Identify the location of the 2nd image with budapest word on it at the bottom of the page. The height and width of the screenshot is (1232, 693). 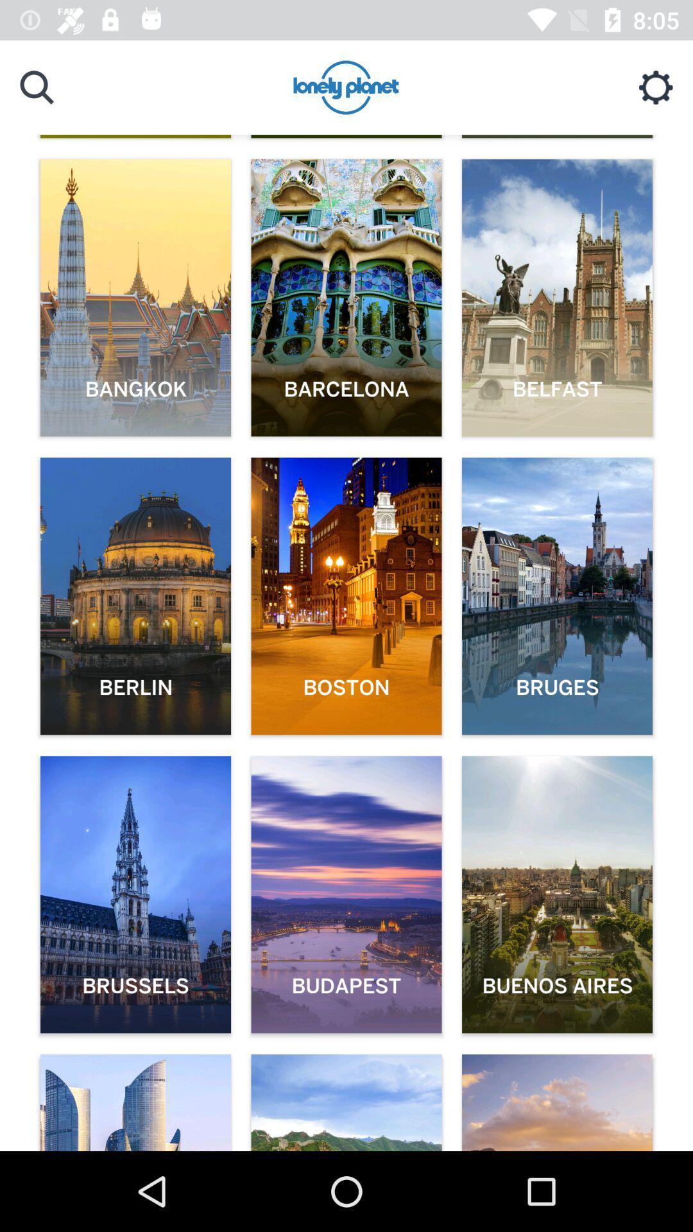
(346, 893).